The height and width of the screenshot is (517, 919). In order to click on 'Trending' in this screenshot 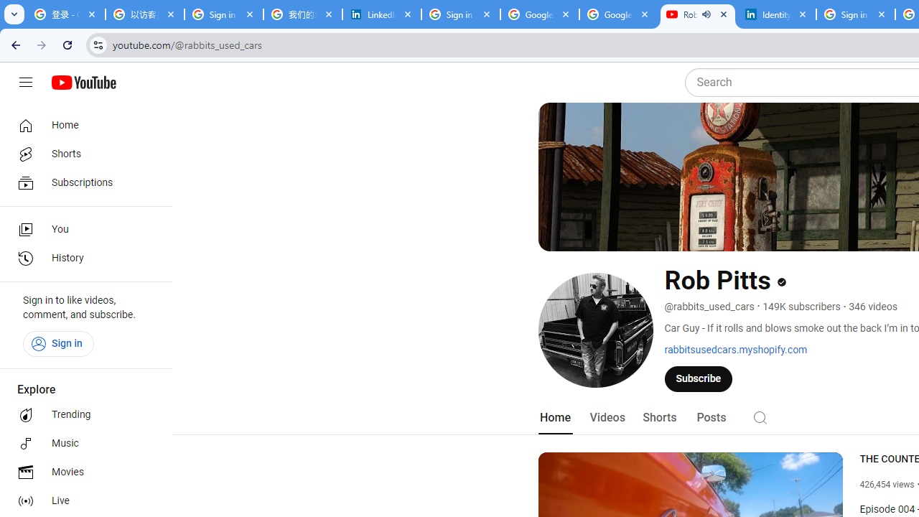, I will do `click(80, 415)`.